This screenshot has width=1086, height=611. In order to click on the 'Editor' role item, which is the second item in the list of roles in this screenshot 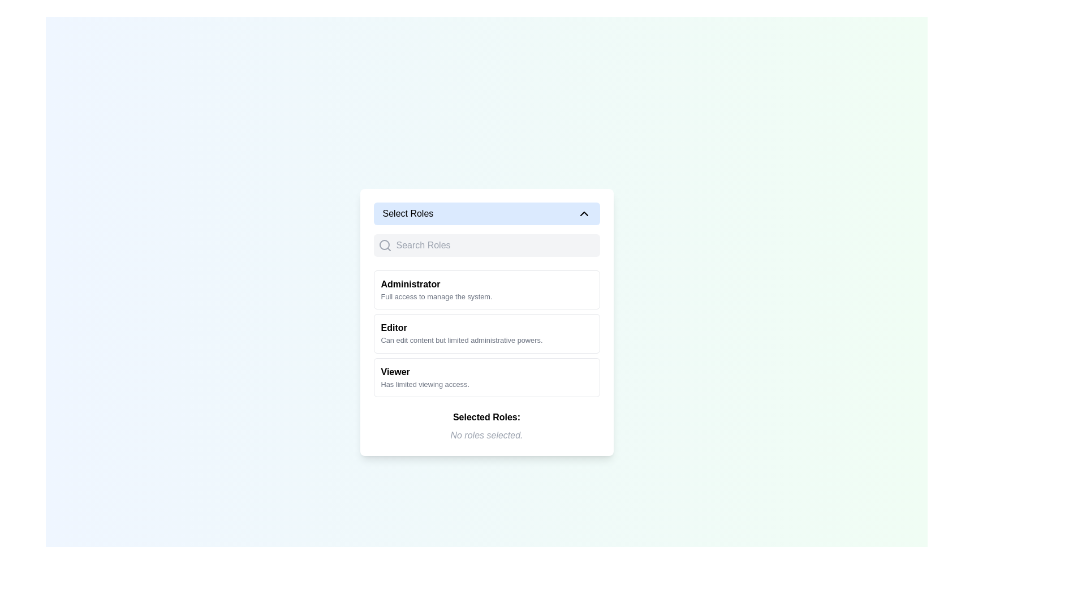, I will do `click(486, 322)`.